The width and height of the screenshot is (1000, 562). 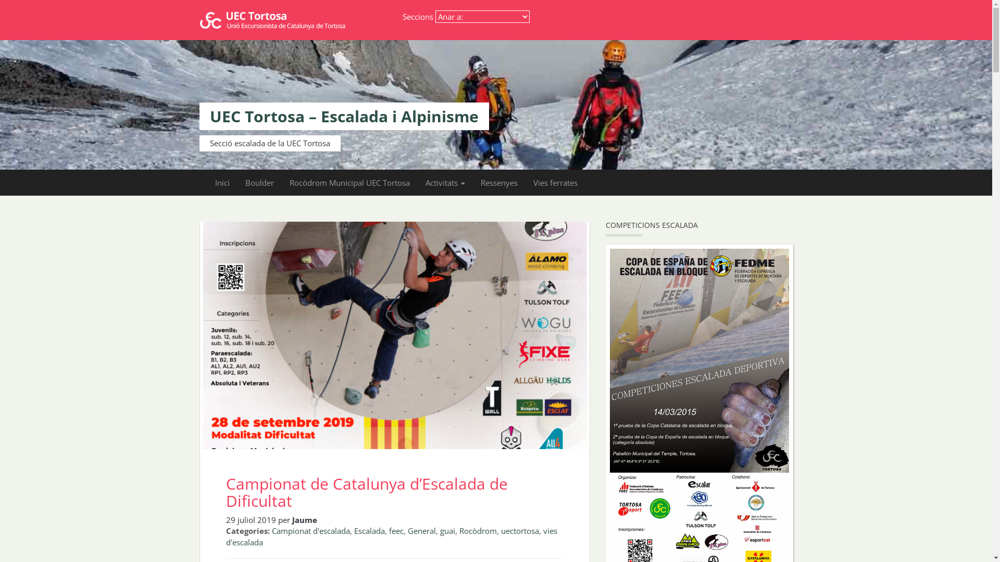 What do you see at coordinates (554, 182) in the screenshot?
I see `'Vies ferrates'` at bounding box center [554, 182].